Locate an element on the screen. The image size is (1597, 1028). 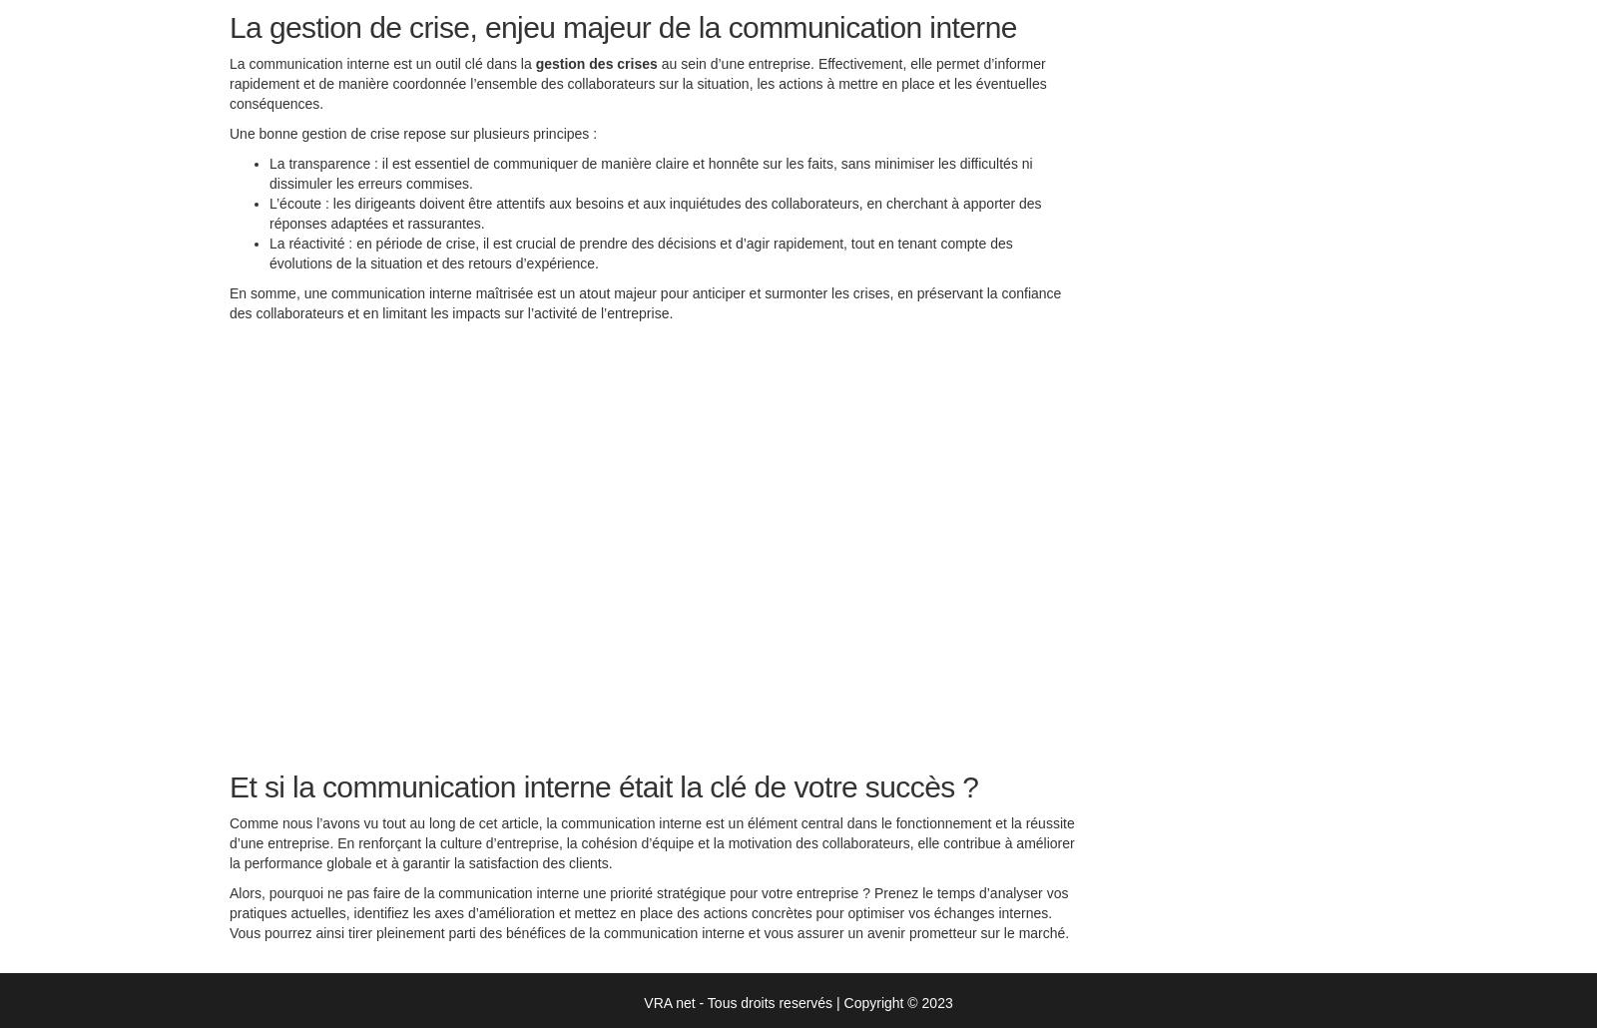
'Copyright © 2023' is located at coordinates (896, 1005).